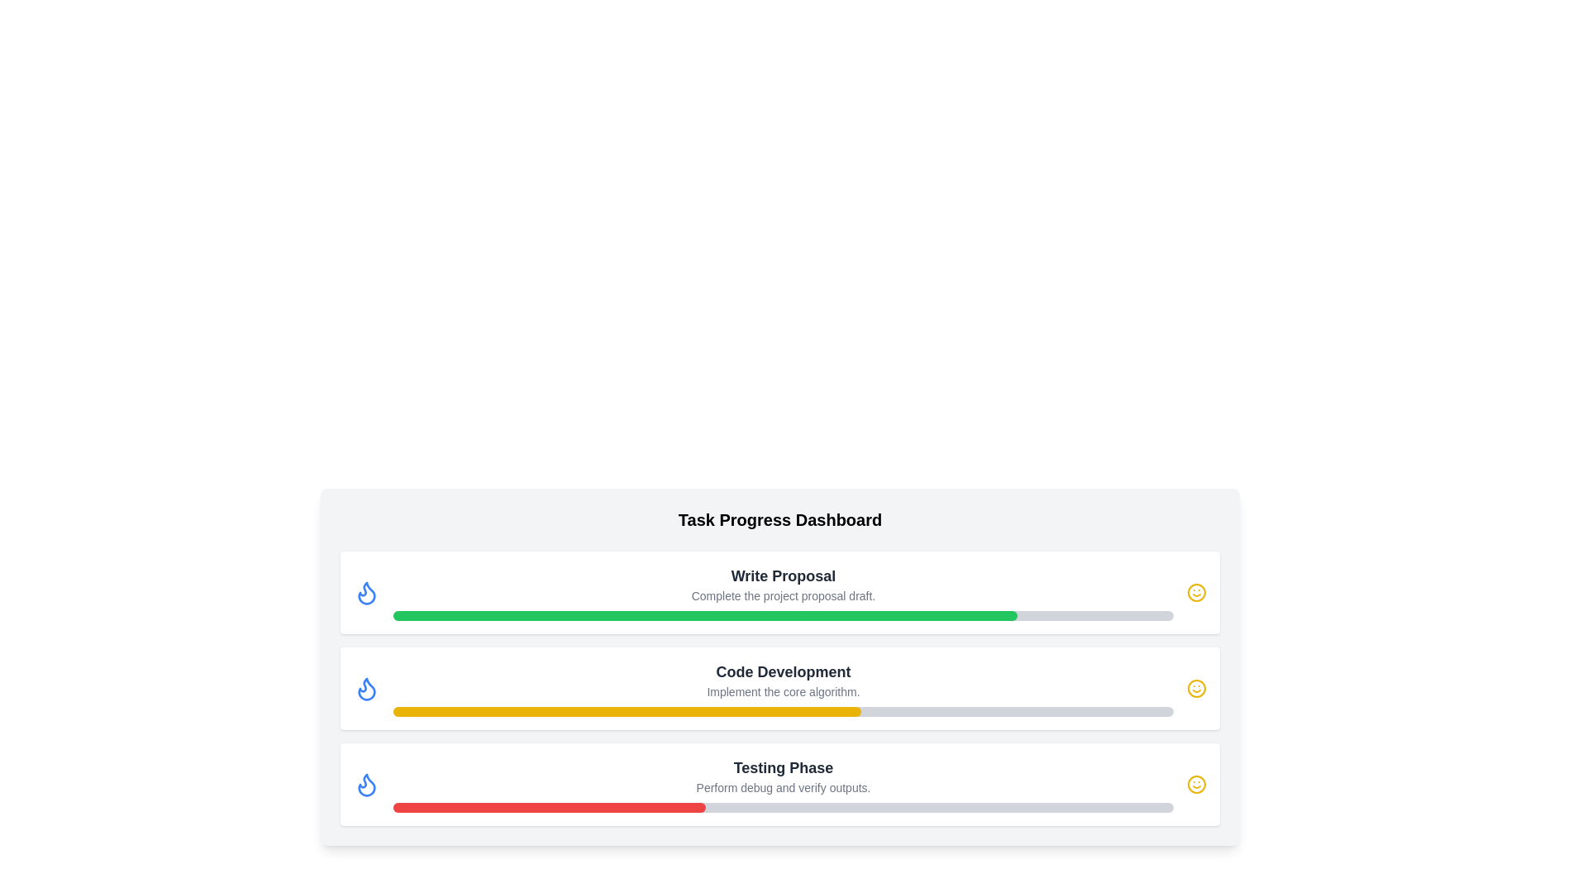 This screenshot has width=1587, height=893. Describe the element at coordinates (1197, 689) in the screenshot. I see `the central circular component of the smiley face icon, which is part of an SVG image located in the visual task progress section` at that location.